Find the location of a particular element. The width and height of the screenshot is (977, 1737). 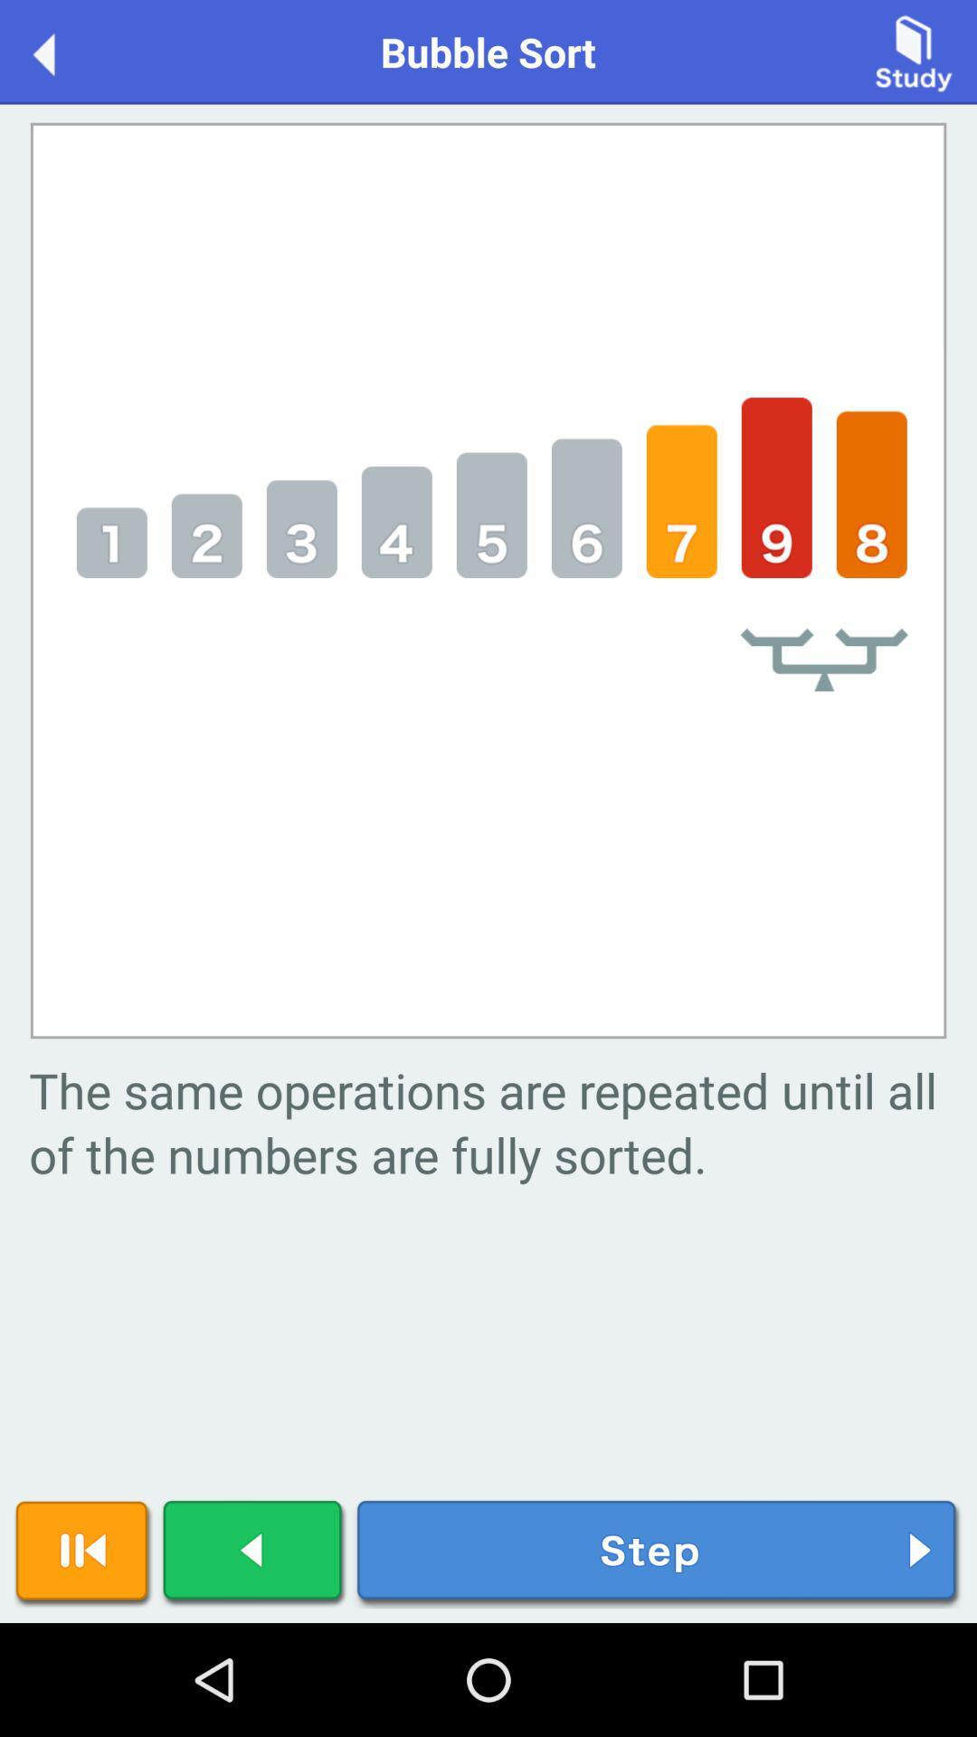

back to previous menu is located at coordinates (62, 51).